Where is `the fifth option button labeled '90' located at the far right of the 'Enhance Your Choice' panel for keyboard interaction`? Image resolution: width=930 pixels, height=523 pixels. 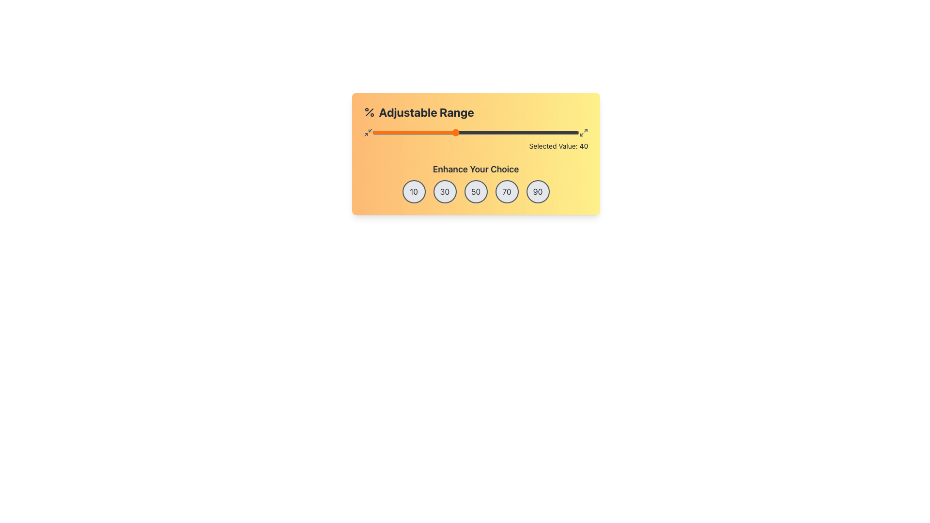
the fifth option button labeled '90' located at the far right of the 'Enhance Your Choice' panel for keyboard interaction is located at coordinates (537, 192).